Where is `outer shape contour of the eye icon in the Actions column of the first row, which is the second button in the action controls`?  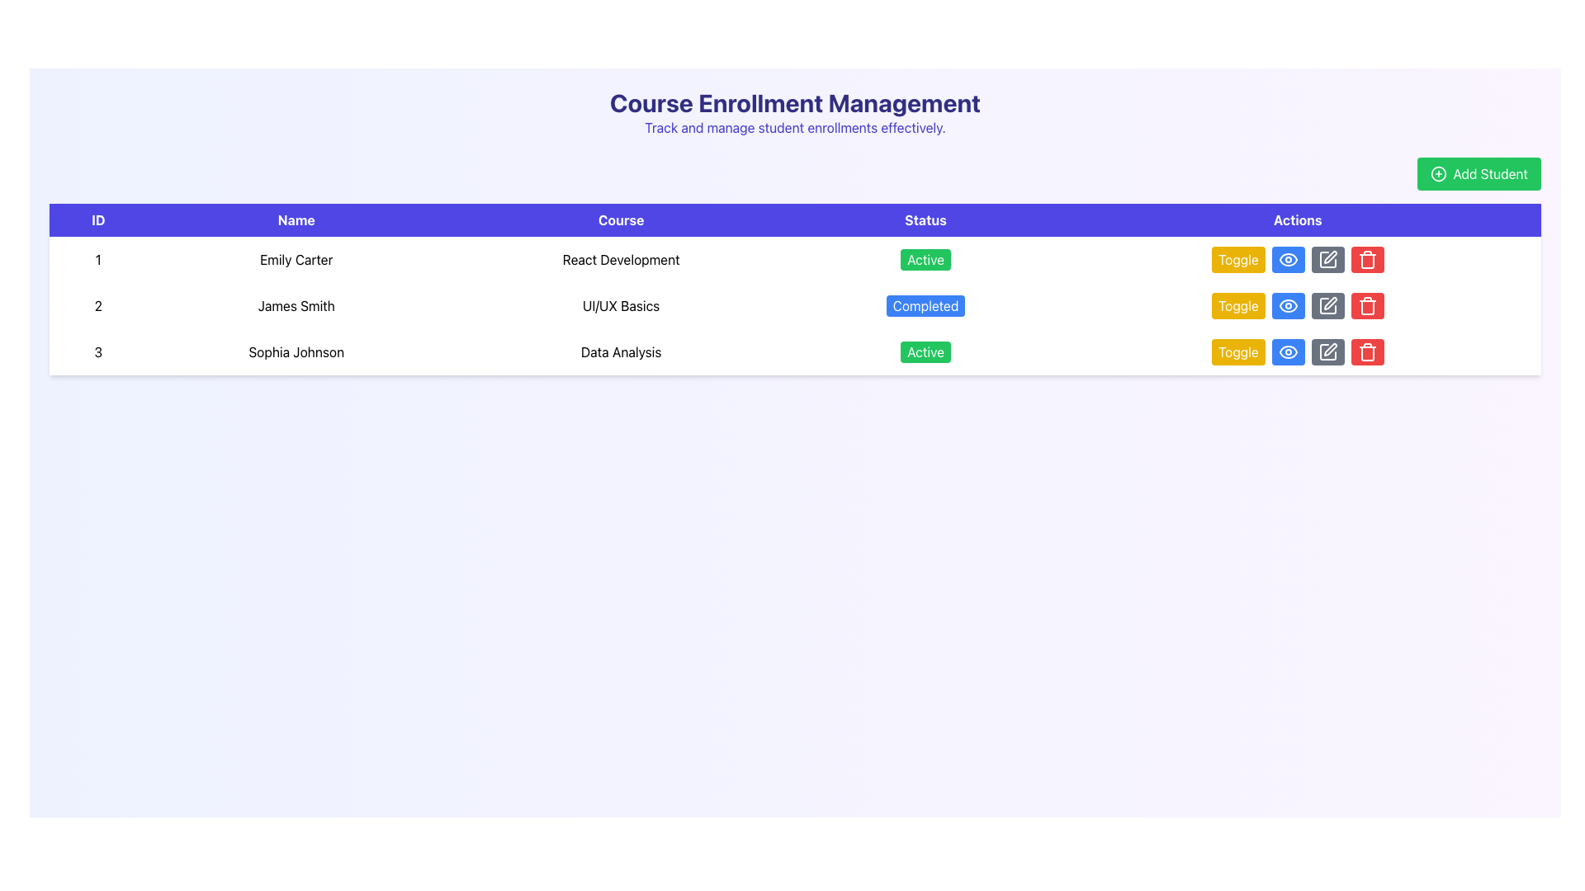 outer shape contour of the eye icon in the Actions column of the first row, which is the second button in the action controls is located at coordinates (1287, 260).